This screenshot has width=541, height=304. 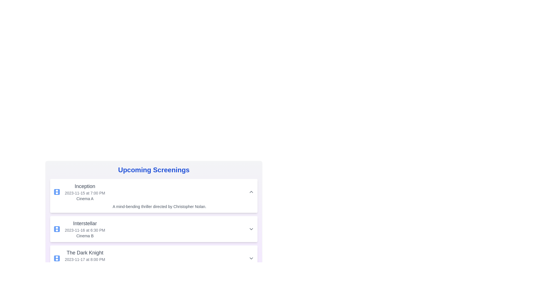 What do you see at coordinates (79, 192) in the screenshot?
I see `the cinema screening entry for 'Inception' displaying the date and time '2023-11-15 at 7:00 PM' and location 'Cinema A'` at bounding box center [79, 192].